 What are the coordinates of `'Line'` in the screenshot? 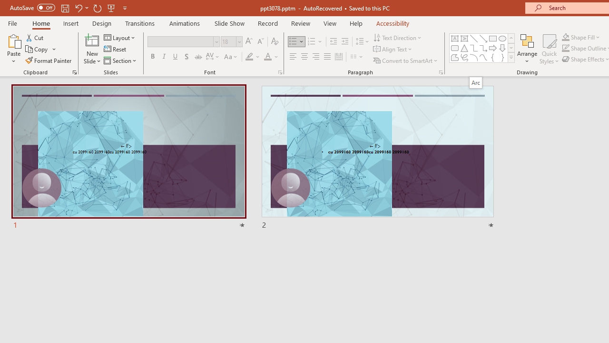 It's located at (473, 38).